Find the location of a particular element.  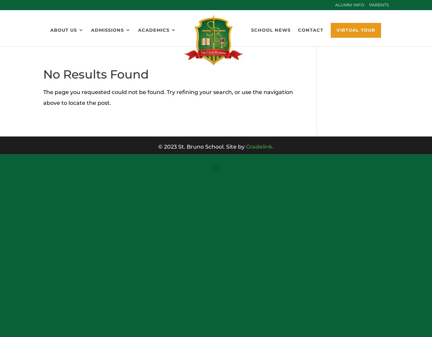

'Extracurricular Activities' is located at coordinates (177, 85).